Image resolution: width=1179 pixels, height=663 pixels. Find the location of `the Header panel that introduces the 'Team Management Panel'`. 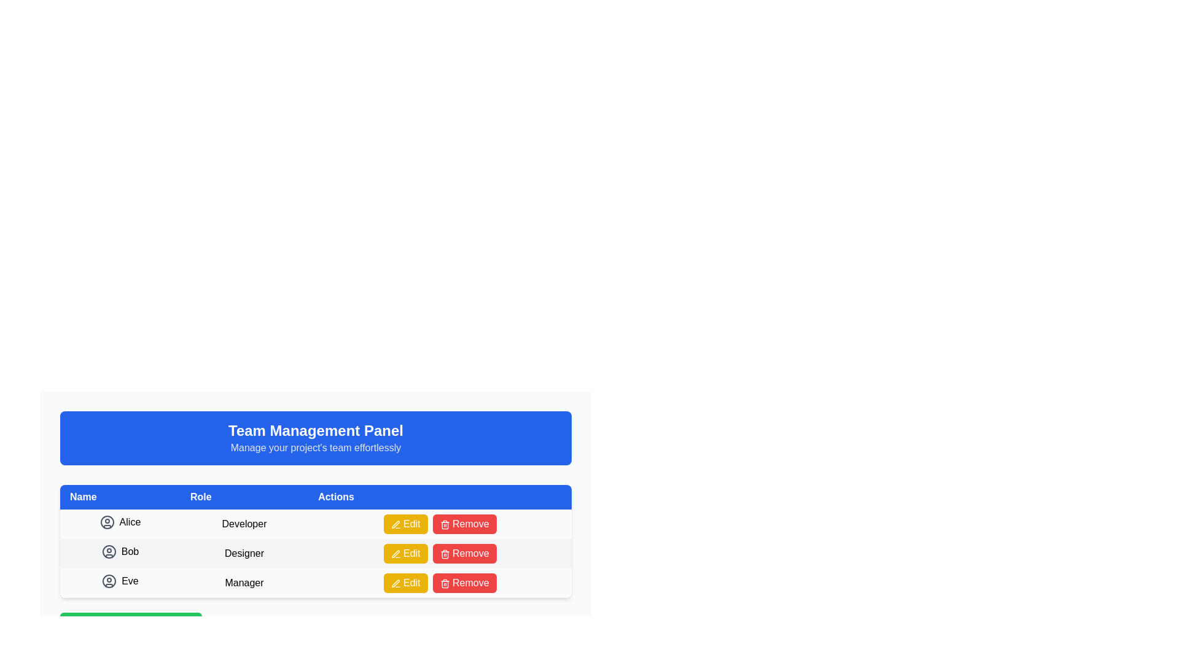

the Header panel that introduces the 'Team Management Panel' is located at coordinates (316, 437).